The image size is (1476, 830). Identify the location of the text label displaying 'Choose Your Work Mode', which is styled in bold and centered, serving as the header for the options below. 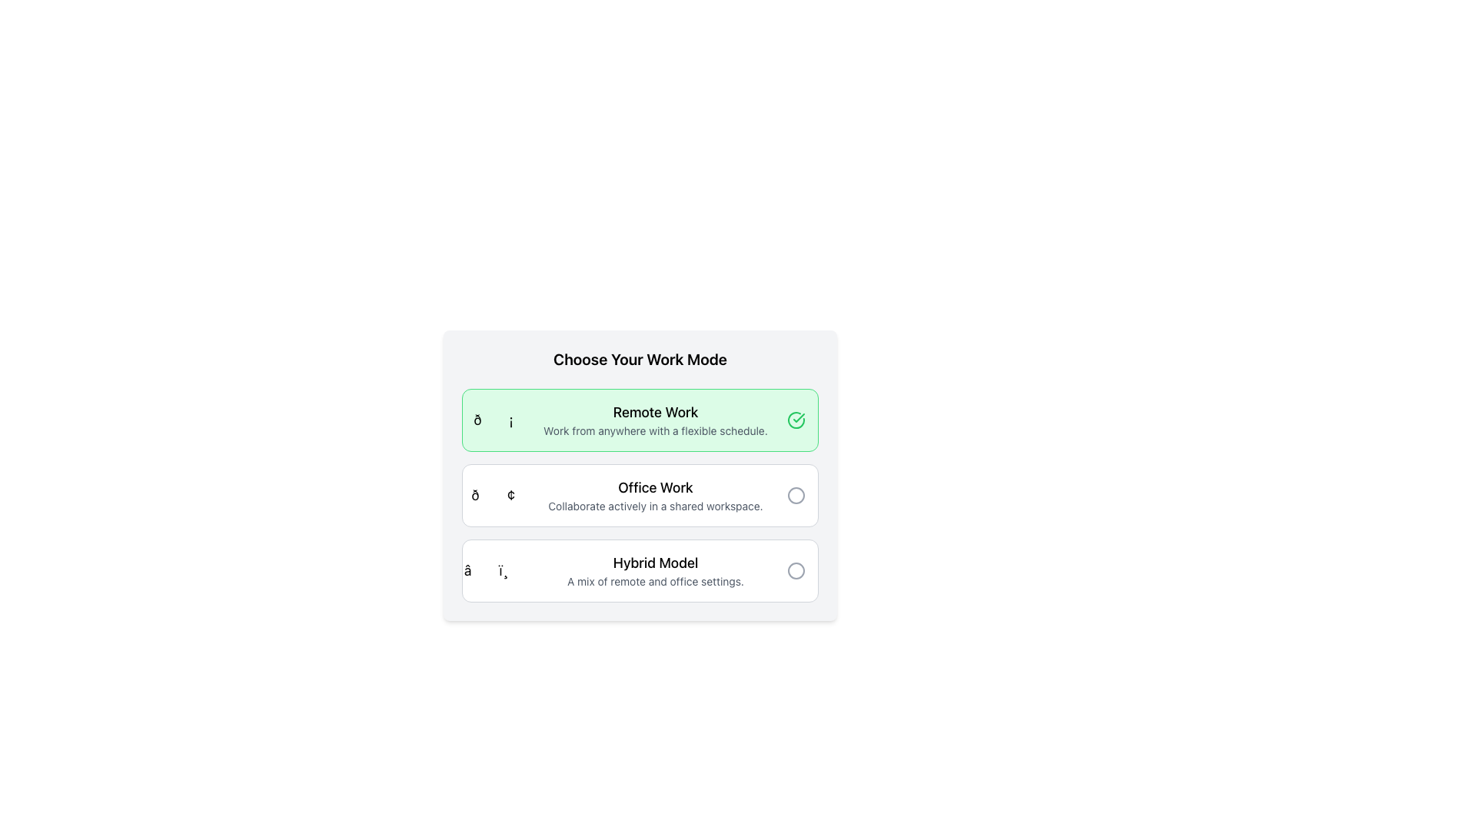
(640, 359).